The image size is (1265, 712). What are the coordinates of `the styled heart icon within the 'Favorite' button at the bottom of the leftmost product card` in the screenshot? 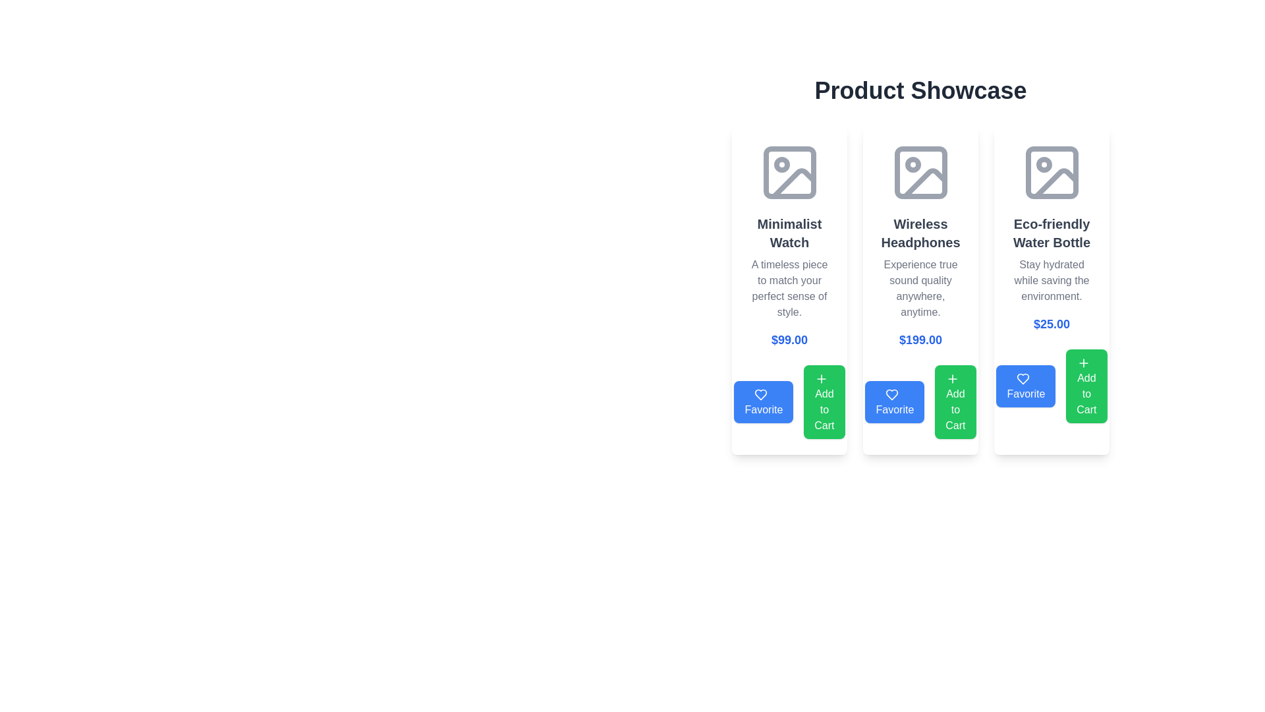 It's located at (761, 394).